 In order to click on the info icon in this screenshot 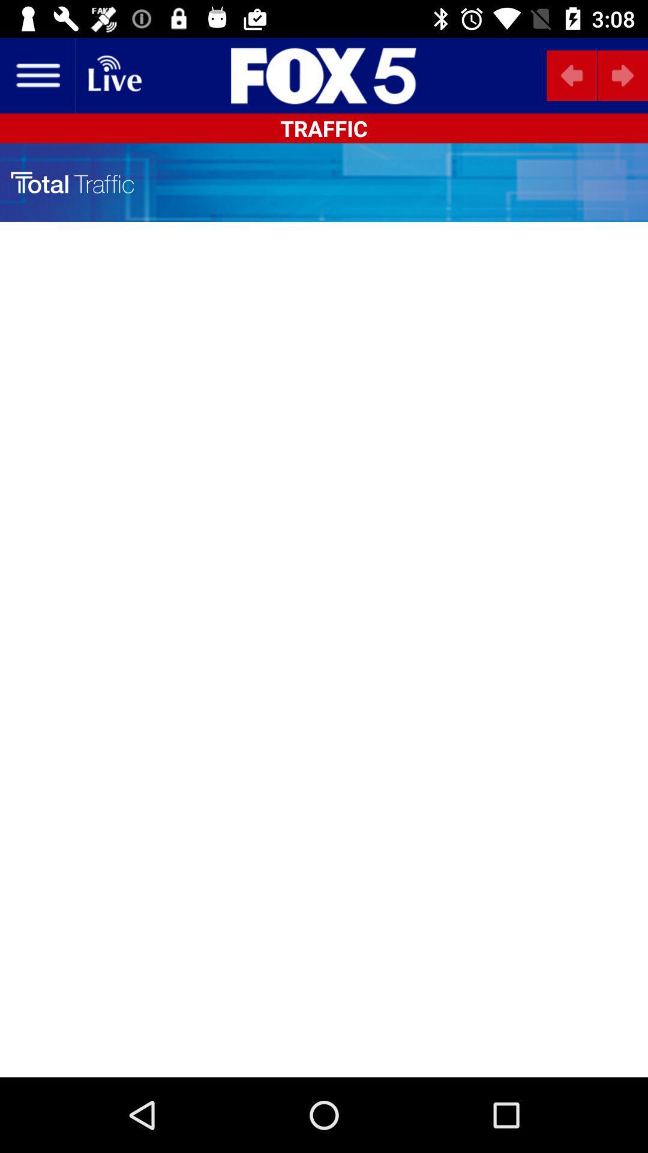, I will do `click(282, 74)`.